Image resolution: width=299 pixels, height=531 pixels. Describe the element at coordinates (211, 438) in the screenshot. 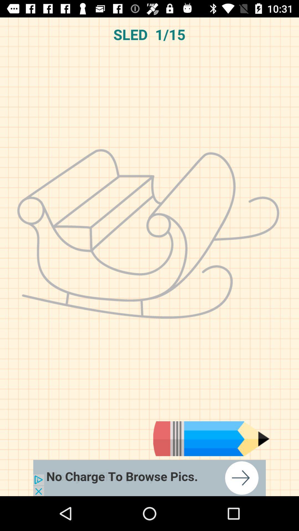

I see `use pencil to draw` at that location.